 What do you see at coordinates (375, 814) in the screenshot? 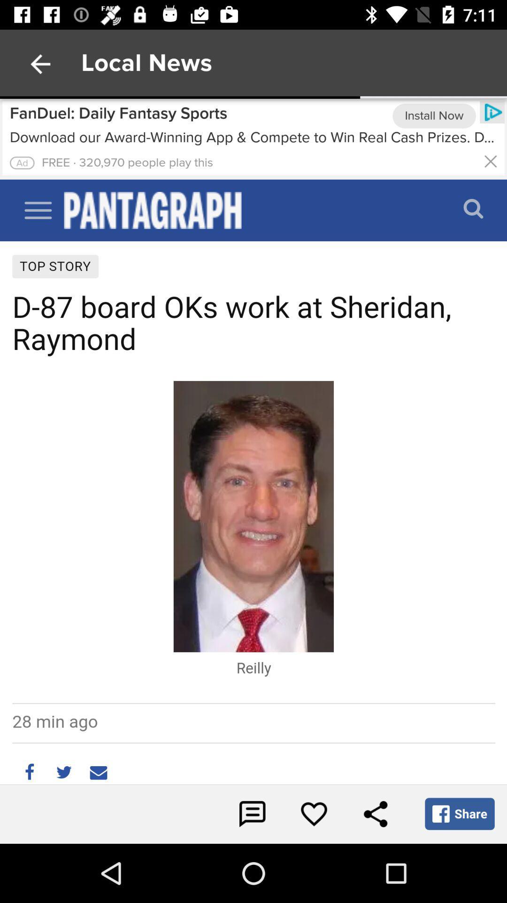
I see `share icon at bottom right` at bounding box center [375, 814].